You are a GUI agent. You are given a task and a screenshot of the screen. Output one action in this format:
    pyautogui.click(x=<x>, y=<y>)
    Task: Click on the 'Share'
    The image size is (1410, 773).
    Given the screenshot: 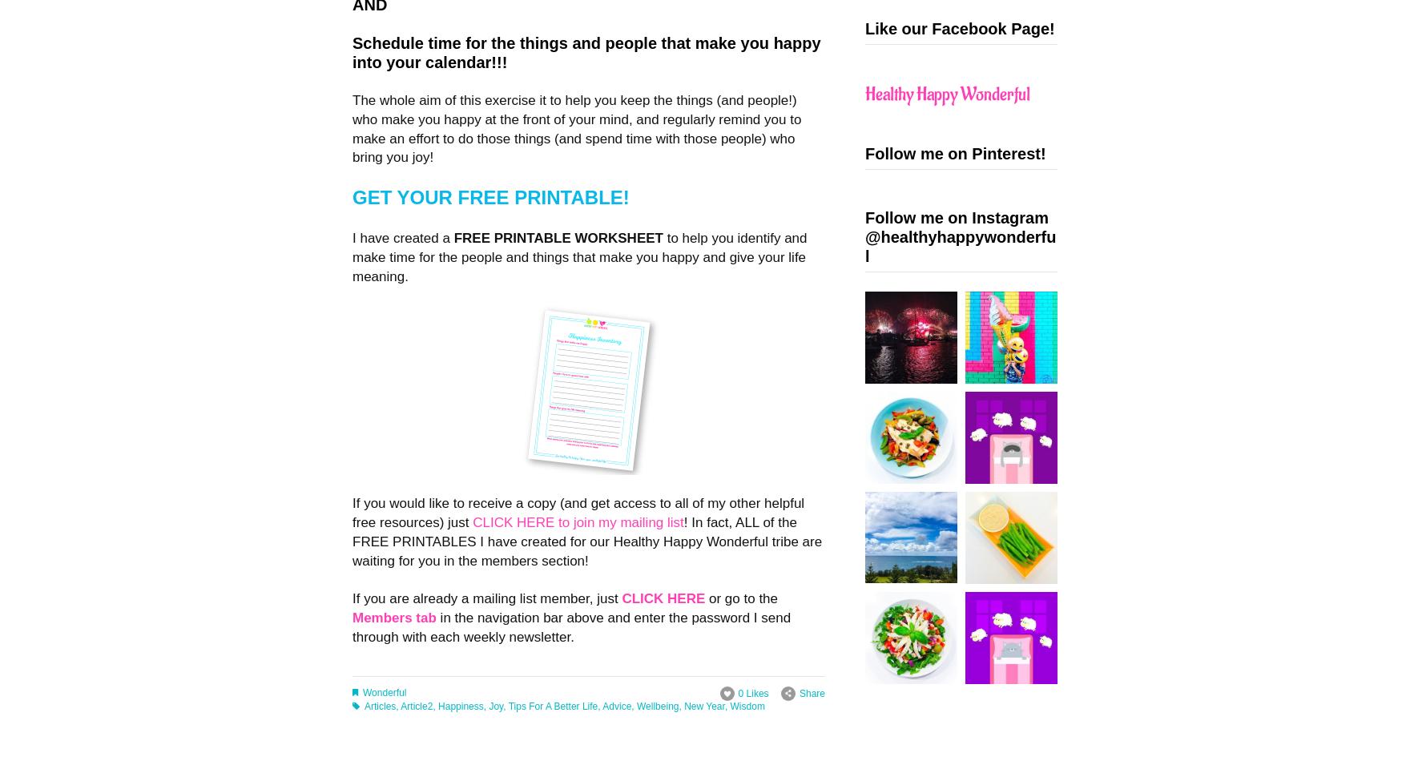 What is the action you would take?
    pyautogui.click(x=812, y=693)
    